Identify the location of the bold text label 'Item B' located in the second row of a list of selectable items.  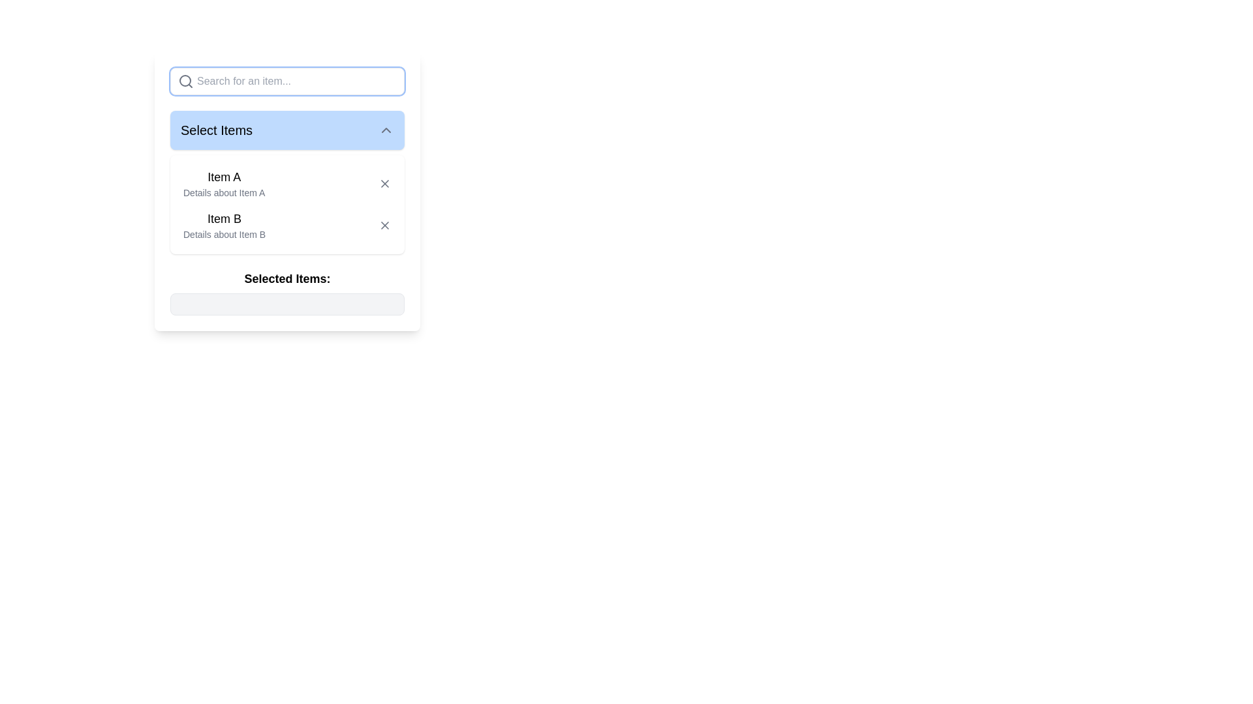
(224, 218).